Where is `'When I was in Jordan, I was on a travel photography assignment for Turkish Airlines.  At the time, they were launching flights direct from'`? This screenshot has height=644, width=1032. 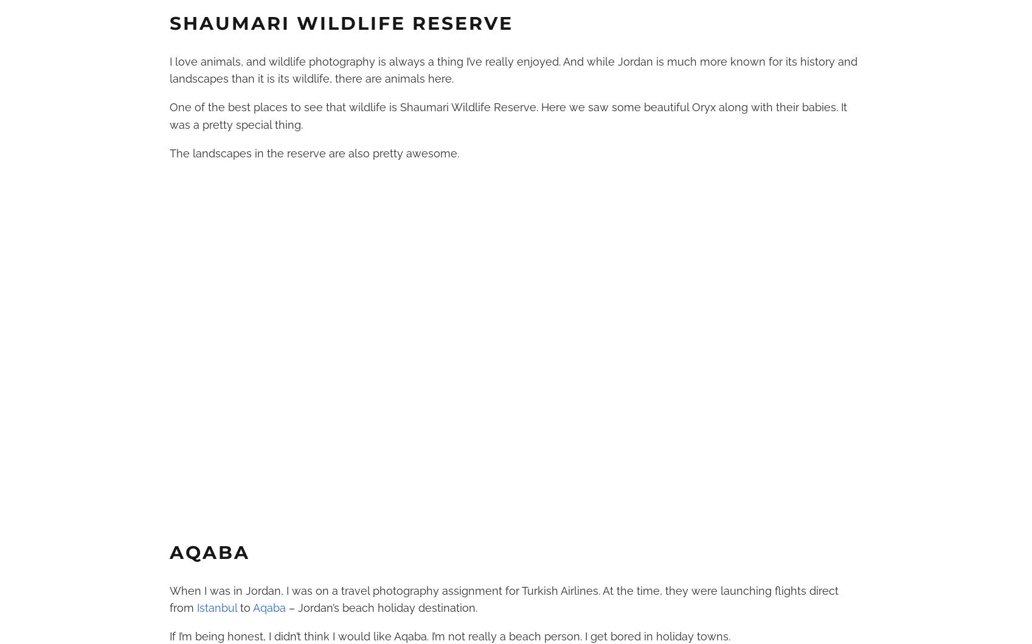
'When I was in Jordan, I was on a travel photography assignment for Turkish Airlines.  At the time, they were launching flights direct from' is located at coordinates (503, 598).